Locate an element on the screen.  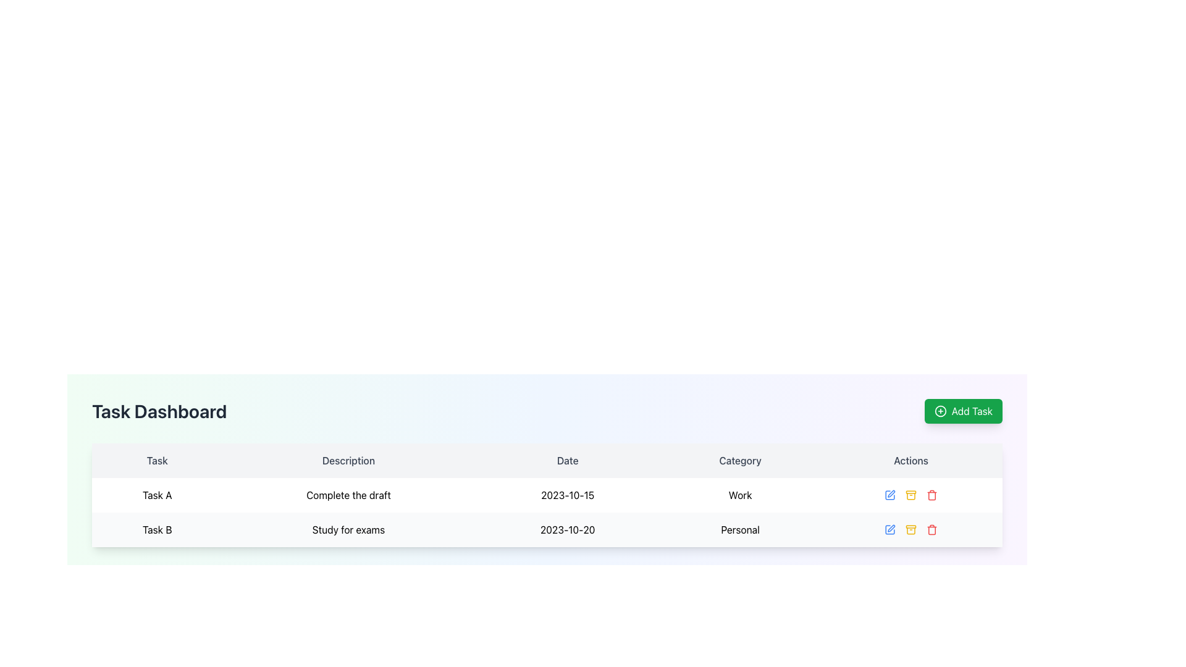
the edit vector graphic in the 'Actions' column of the second row is located at coordinates (889, 495).